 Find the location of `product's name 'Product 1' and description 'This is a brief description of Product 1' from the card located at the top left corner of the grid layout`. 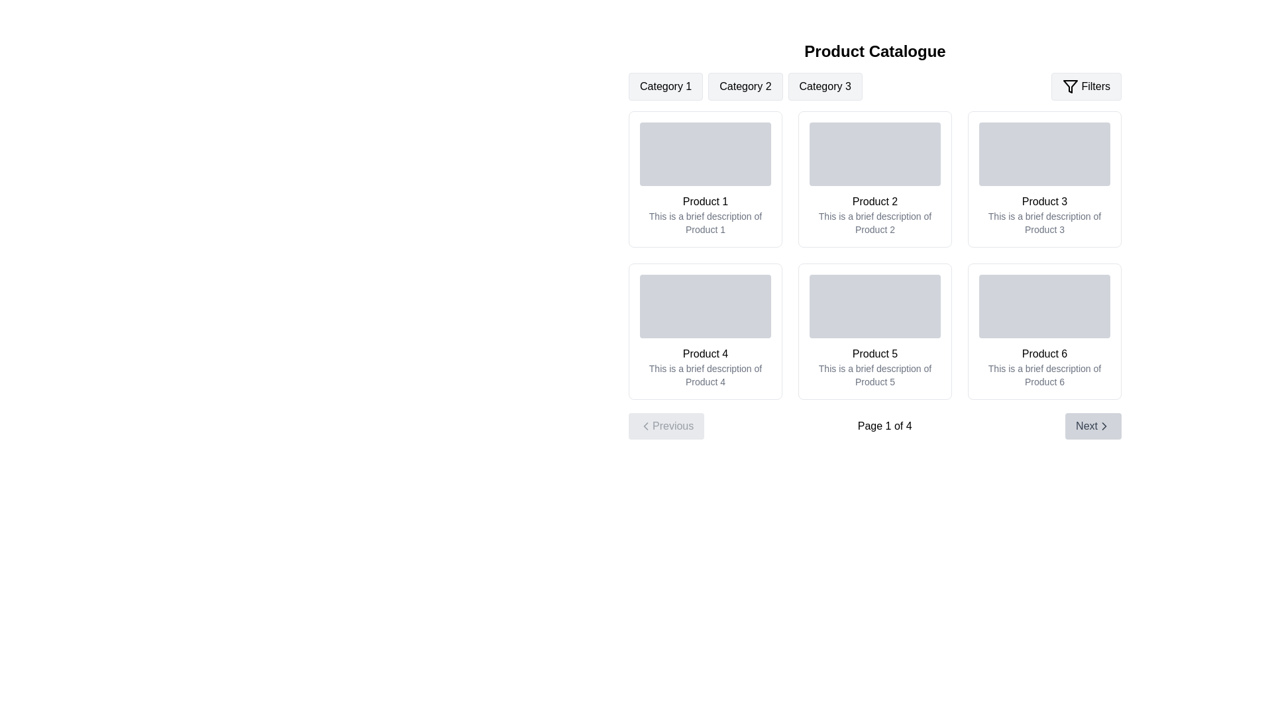

product's name 'Product 1' and description 'This is a brief description of Product 1' from the card located at the top left corner of the grid layout is located at coordinates (705, 179).